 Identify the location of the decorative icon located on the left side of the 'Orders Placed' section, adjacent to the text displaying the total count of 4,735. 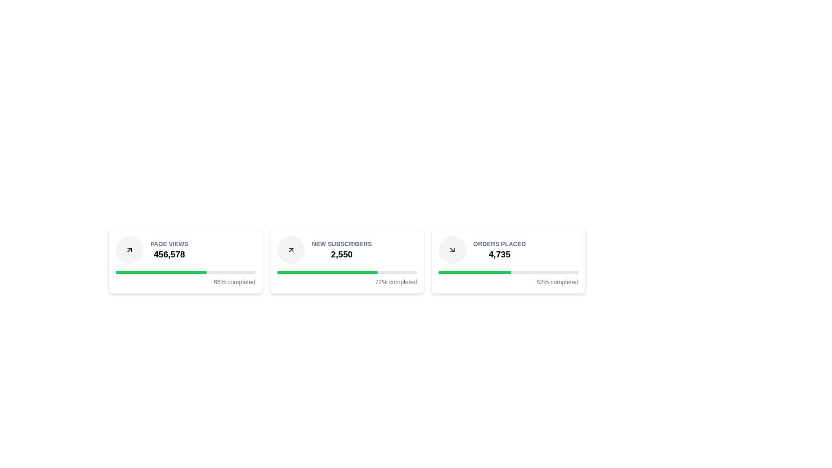
(452, 250).